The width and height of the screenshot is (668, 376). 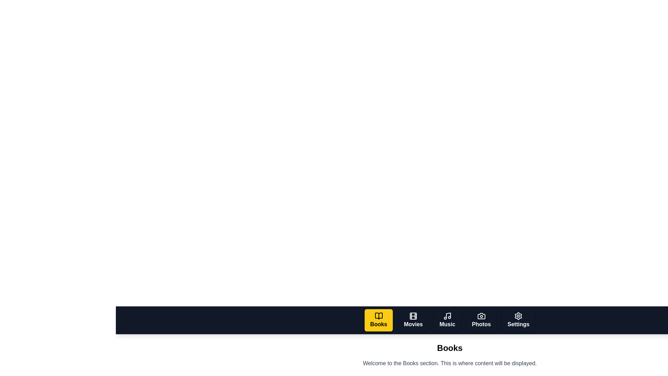 I want to click on the Music tab by clicking on its button, so click(x=447, y=320).